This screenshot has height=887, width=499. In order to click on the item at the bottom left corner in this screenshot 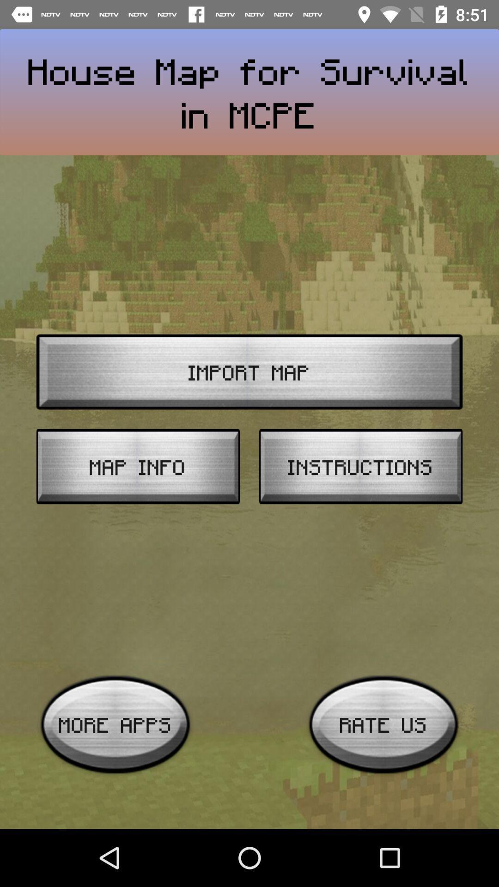, I will do `click(115, 724)`.